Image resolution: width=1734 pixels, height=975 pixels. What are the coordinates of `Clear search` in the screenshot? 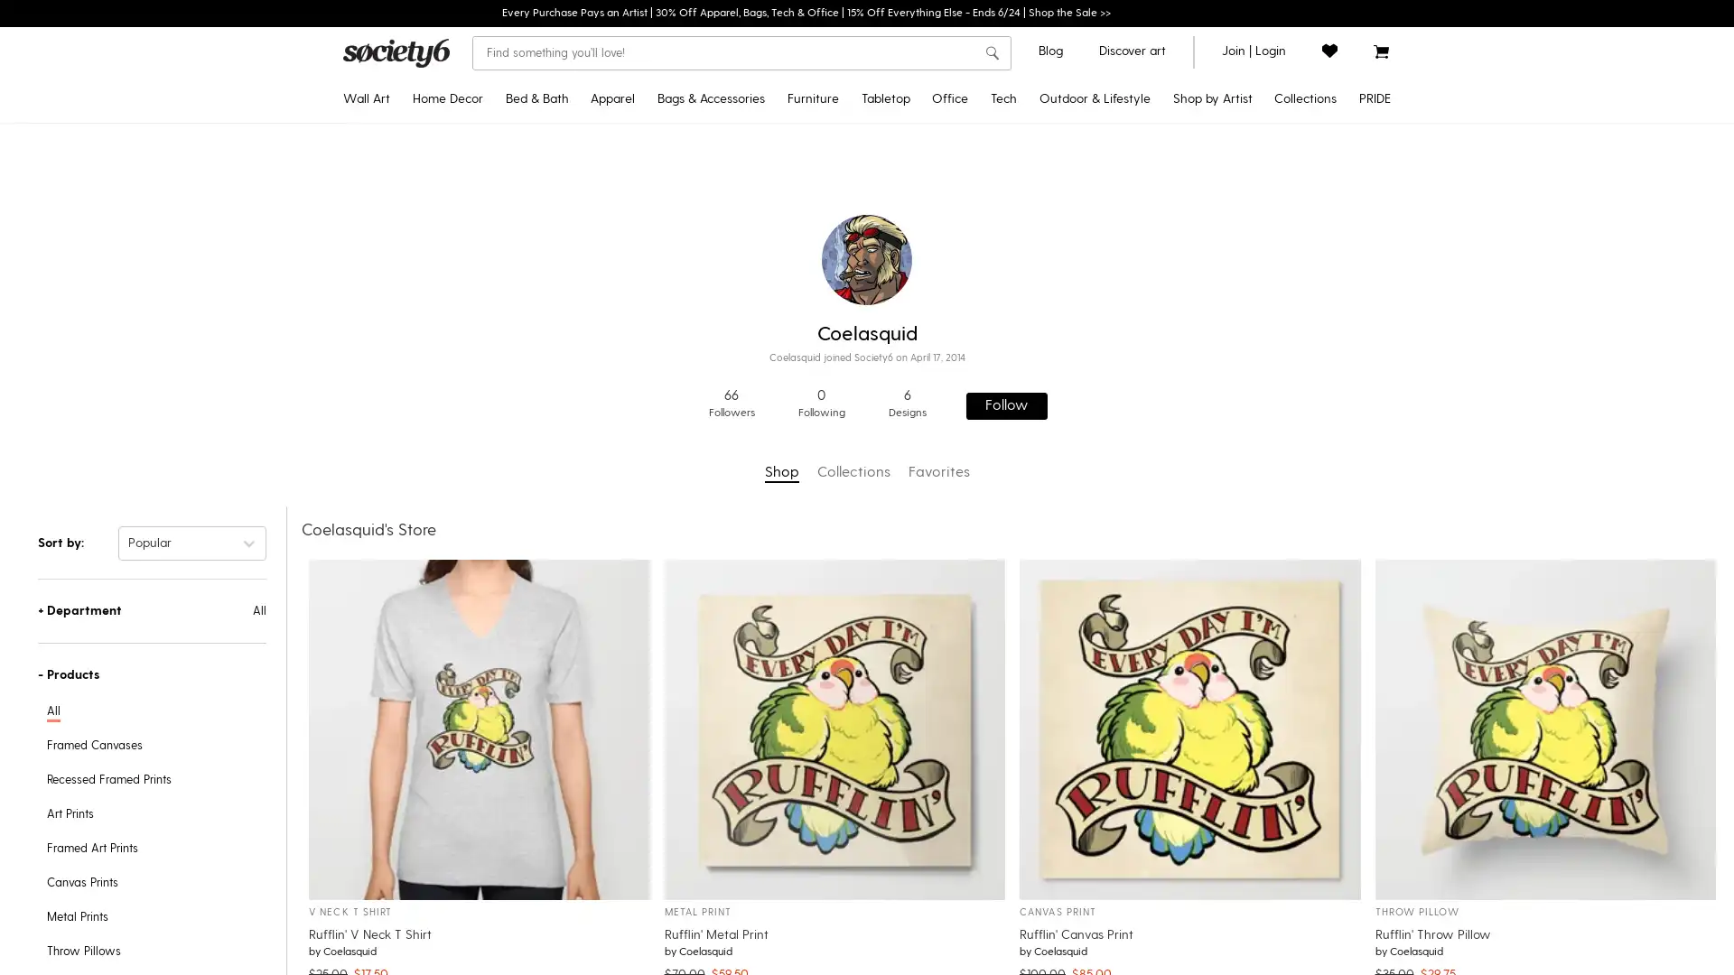 It's located at (966, 51).